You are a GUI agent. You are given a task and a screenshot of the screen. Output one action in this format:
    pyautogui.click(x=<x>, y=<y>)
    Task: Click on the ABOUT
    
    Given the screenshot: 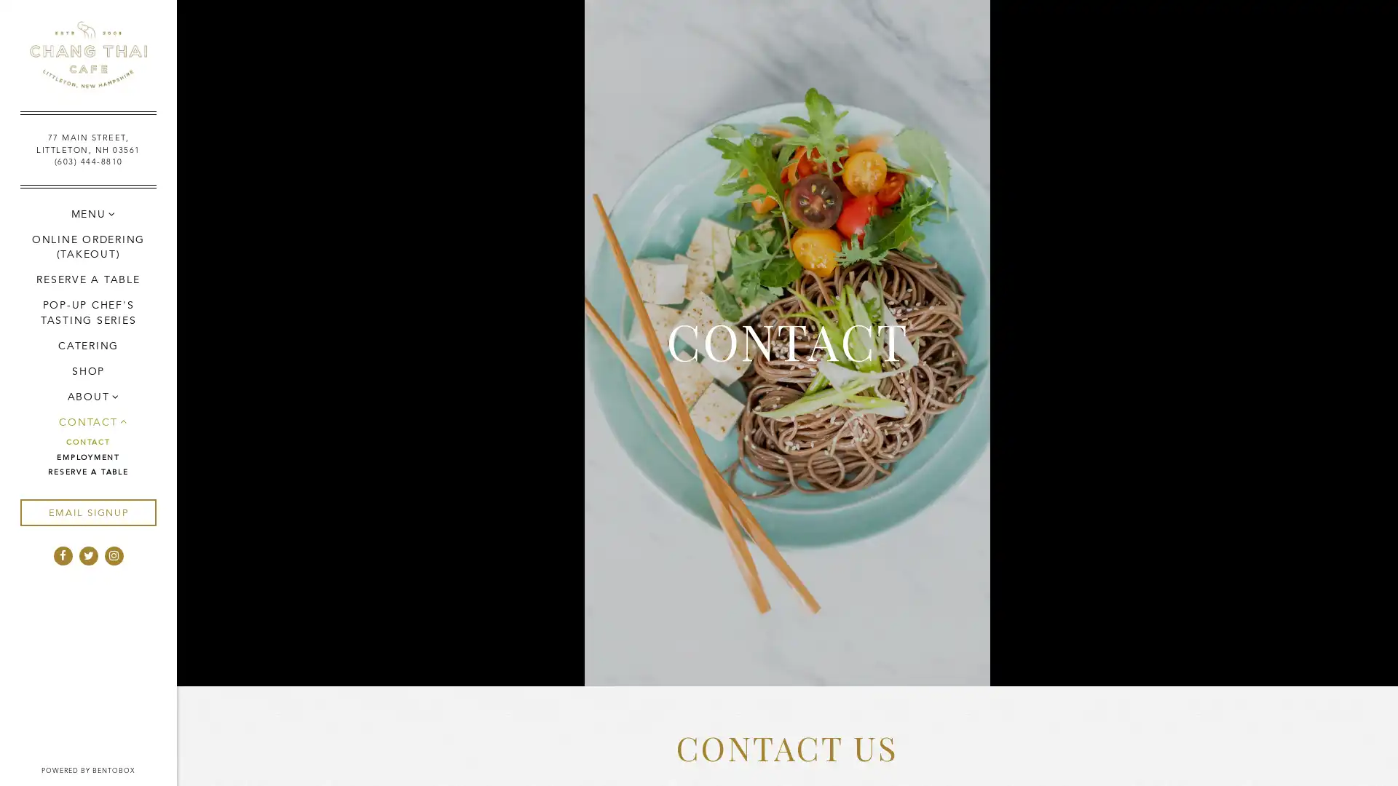 What is the action you would take?
    pyautogui.click(x=87, y=396)
    